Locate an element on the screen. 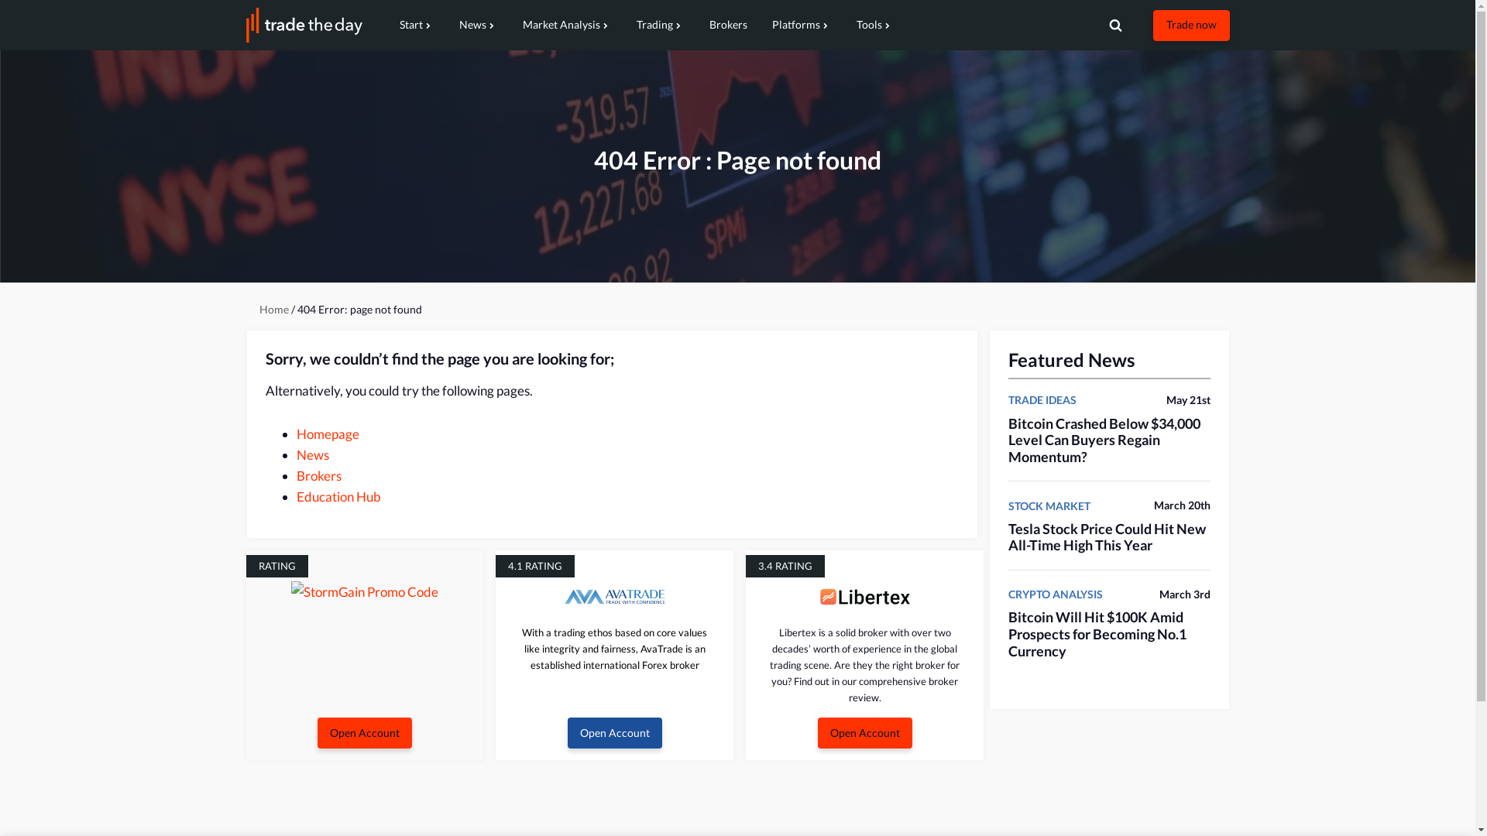 Image resolution: width=1487 pixels, height=836 pixels. 'Start' is located at coordinates (417, 25).